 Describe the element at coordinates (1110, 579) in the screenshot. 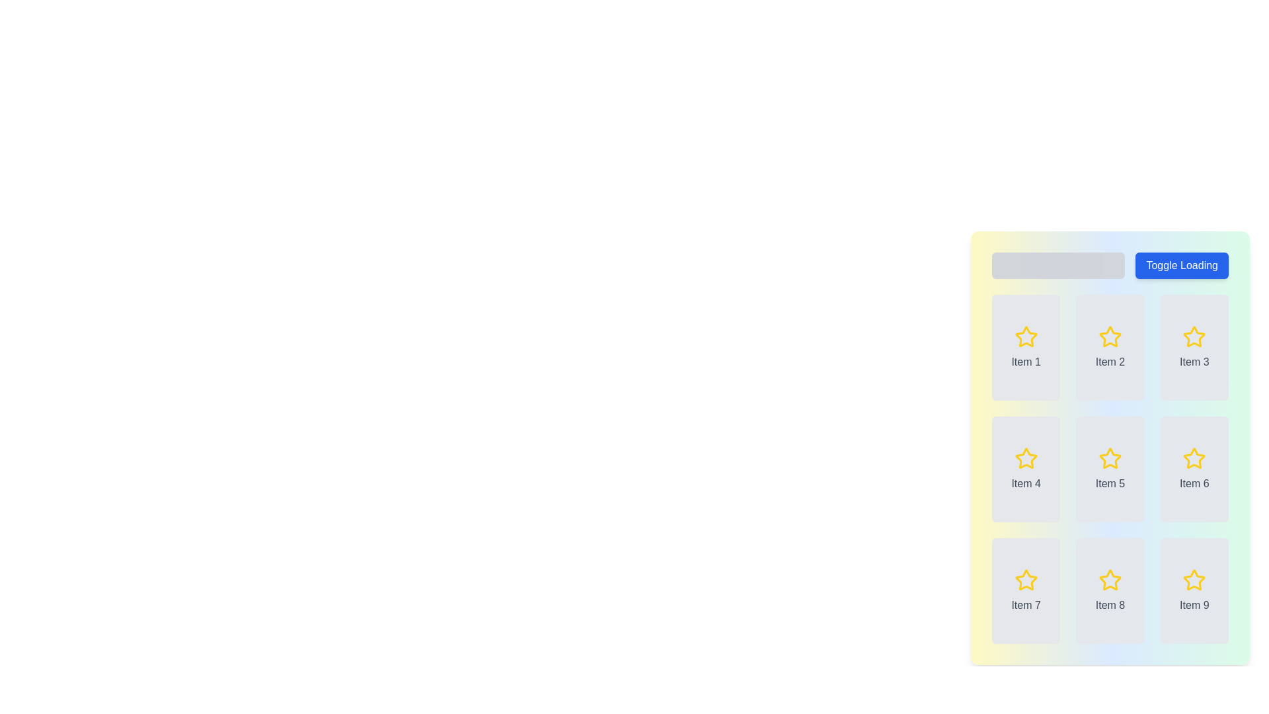

I see `the star rating icon` at that location.